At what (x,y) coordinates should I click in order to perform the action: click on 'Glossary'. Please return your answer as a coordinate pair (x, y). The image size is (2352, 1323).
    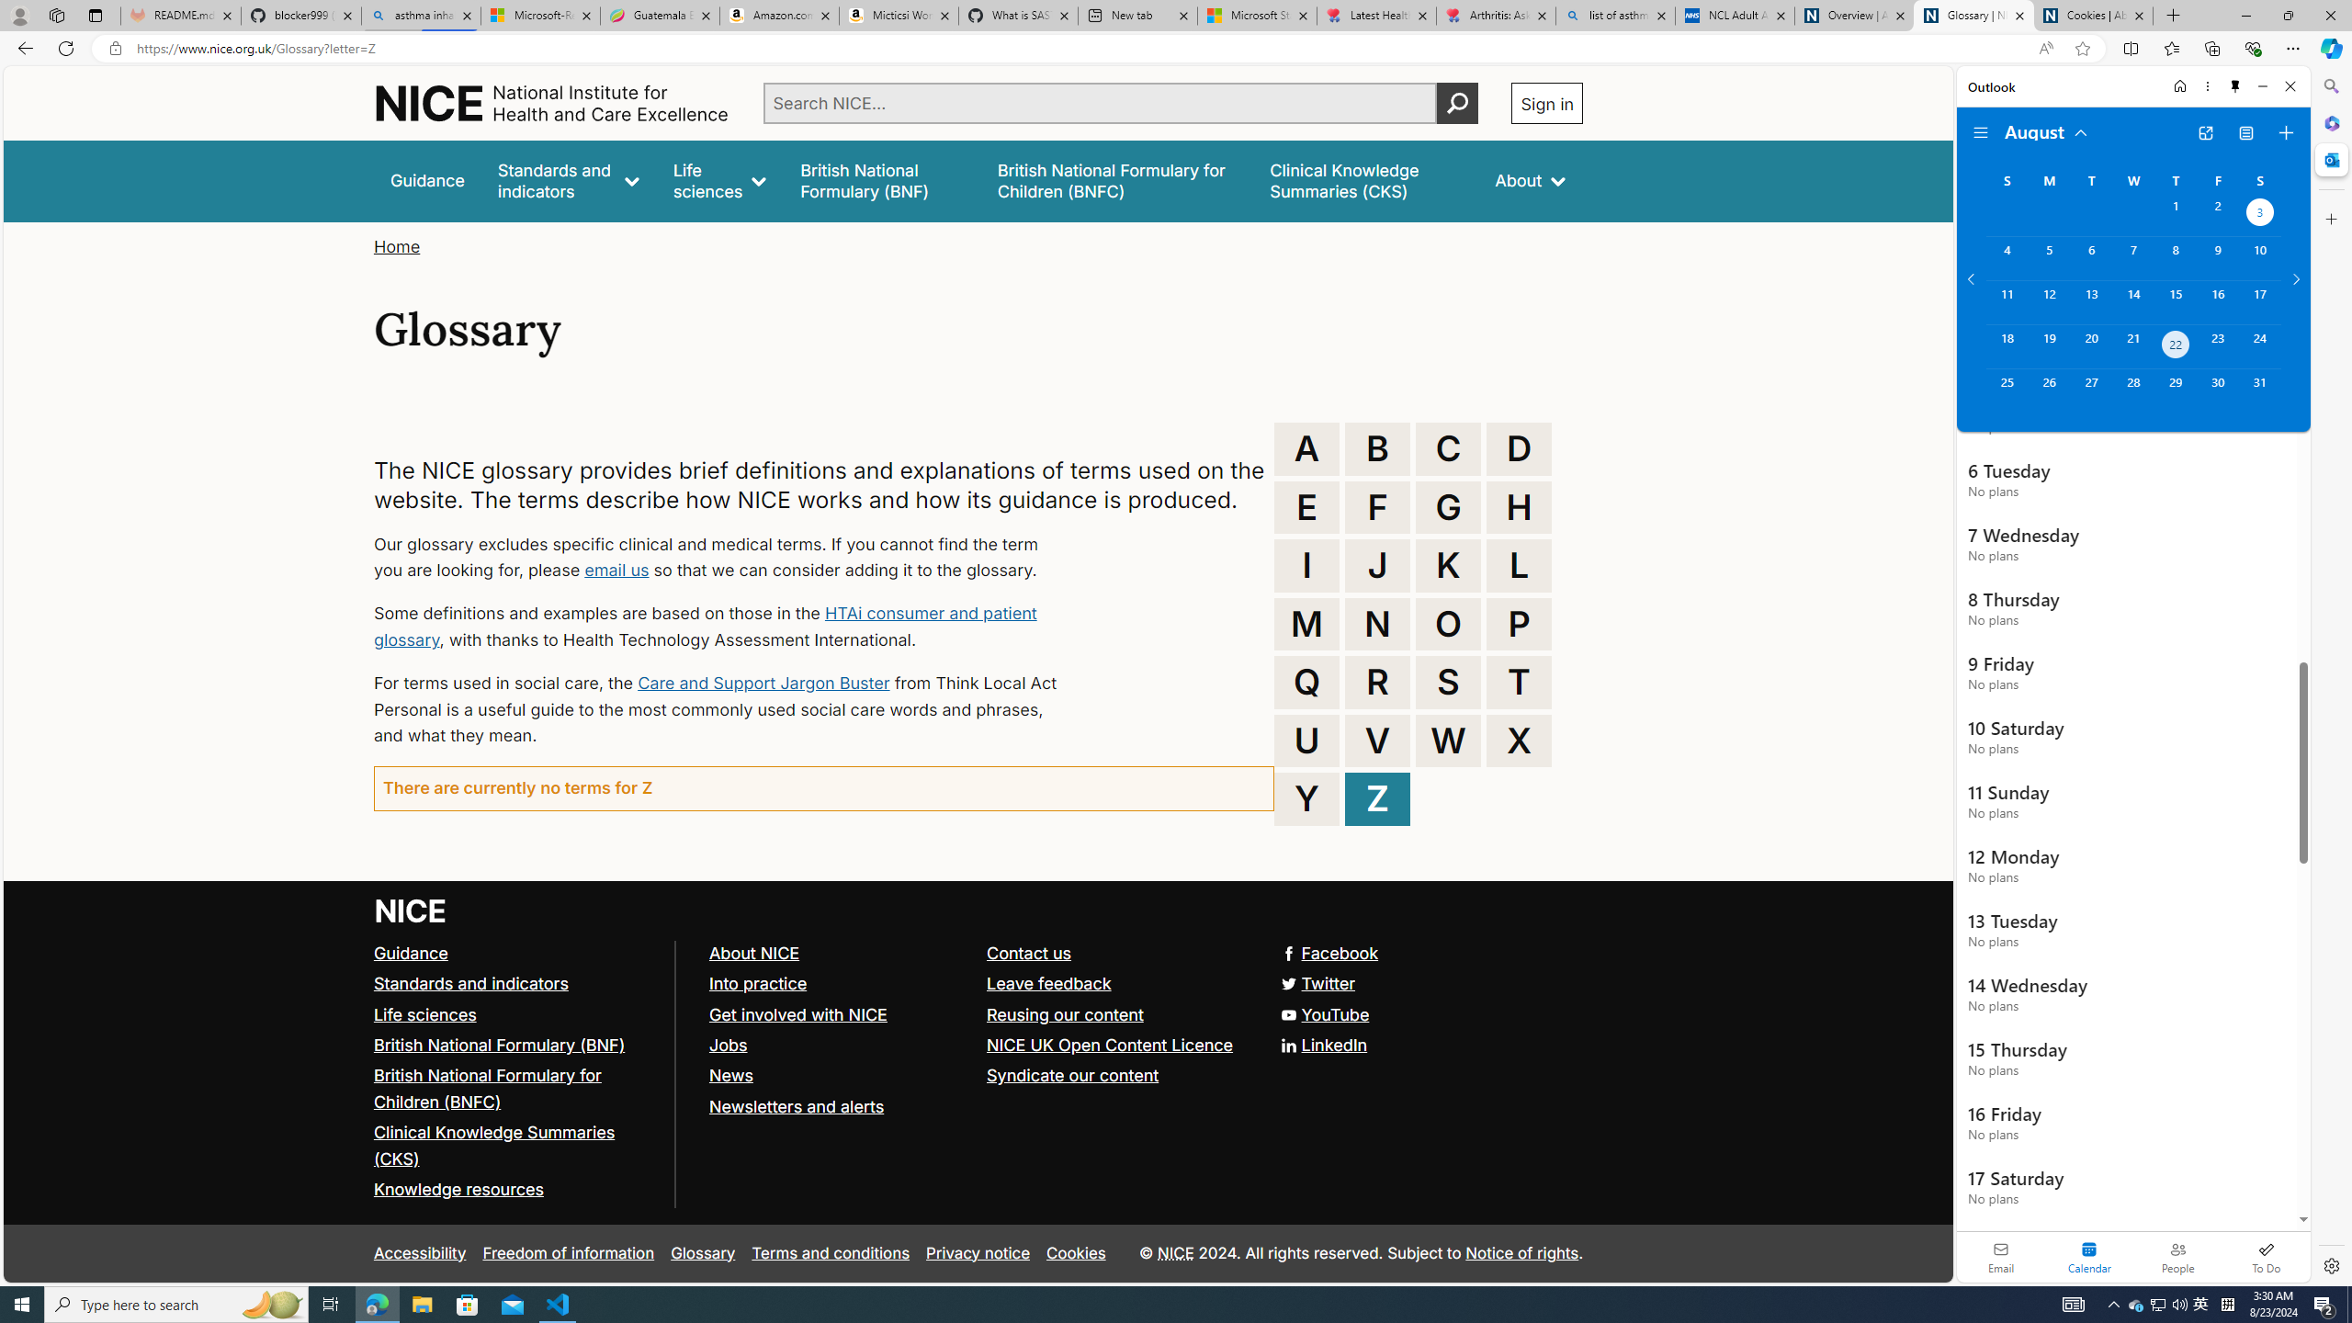
    Looking at the image, I should click on (703, 1252).